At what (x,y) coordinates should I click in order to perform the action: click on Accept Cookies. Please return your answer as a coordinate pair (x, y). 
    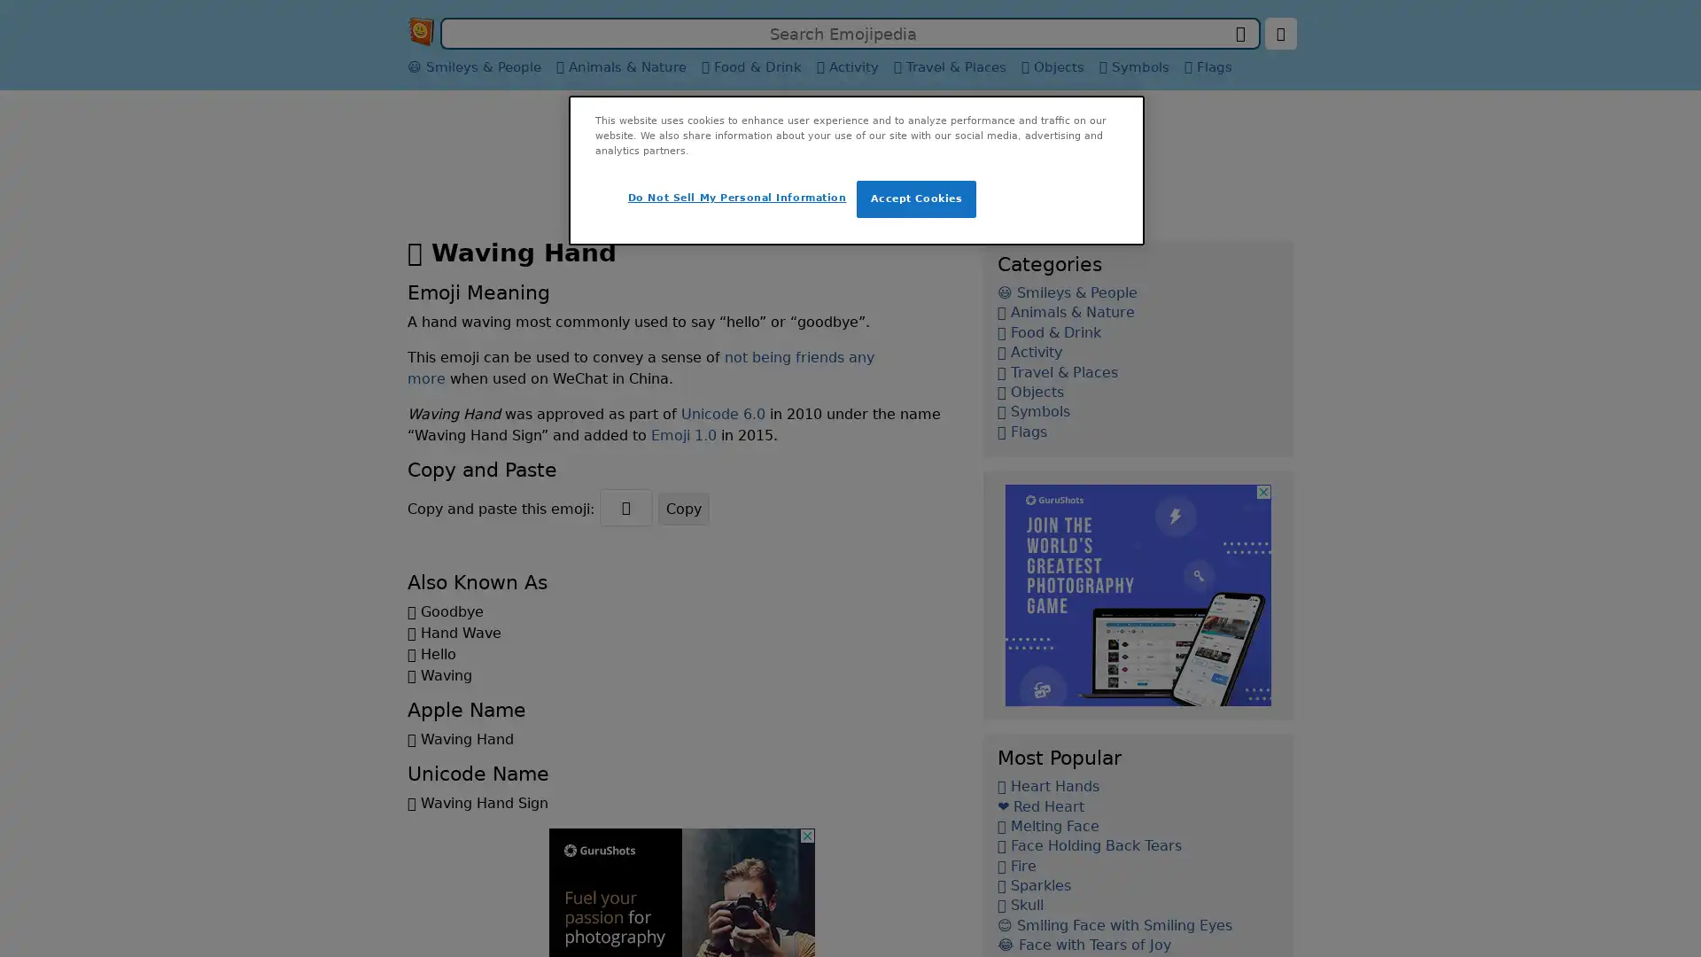
    Looking at the image, I should click on (916, 198).